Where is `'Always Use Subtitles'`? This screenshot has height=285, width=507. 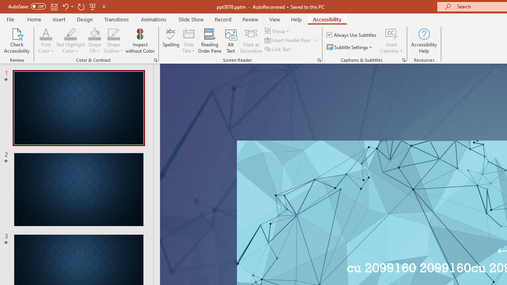 'Always Use Subtitles' is located at coordinates (352, 34).